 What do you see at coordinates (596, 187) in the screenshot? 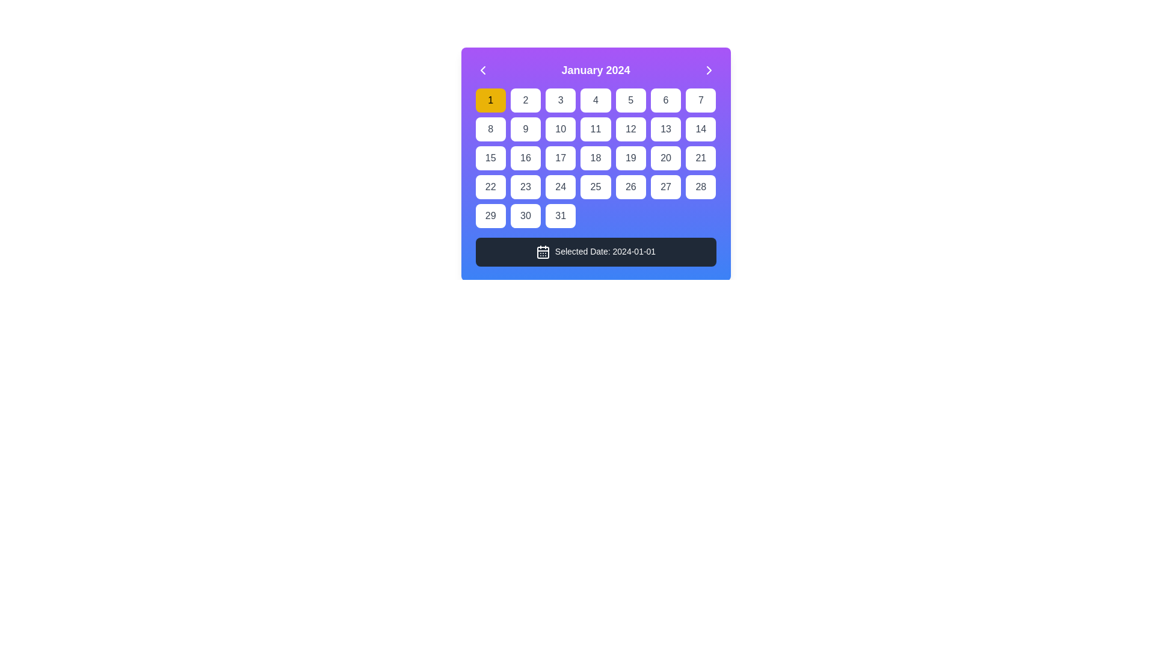
I see `the button representing the 25th day of January 2024` at bounding box center [596, 187].